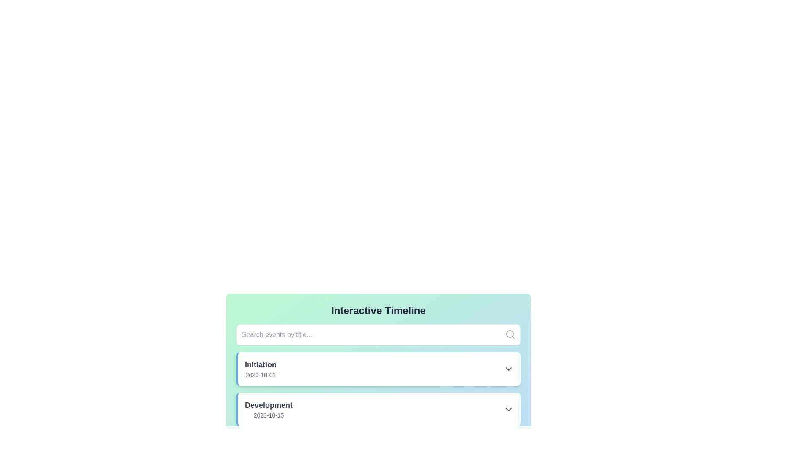 Image resolution: width=812 pixels, height=456 pixels. What do you see at coordinates (268, 409) in the screenshot?
I see `the static text display showing 'Development' with subtext '2023-10-15' in the second card under 'Interactive Timeline'` at bounding box center [268, 409].